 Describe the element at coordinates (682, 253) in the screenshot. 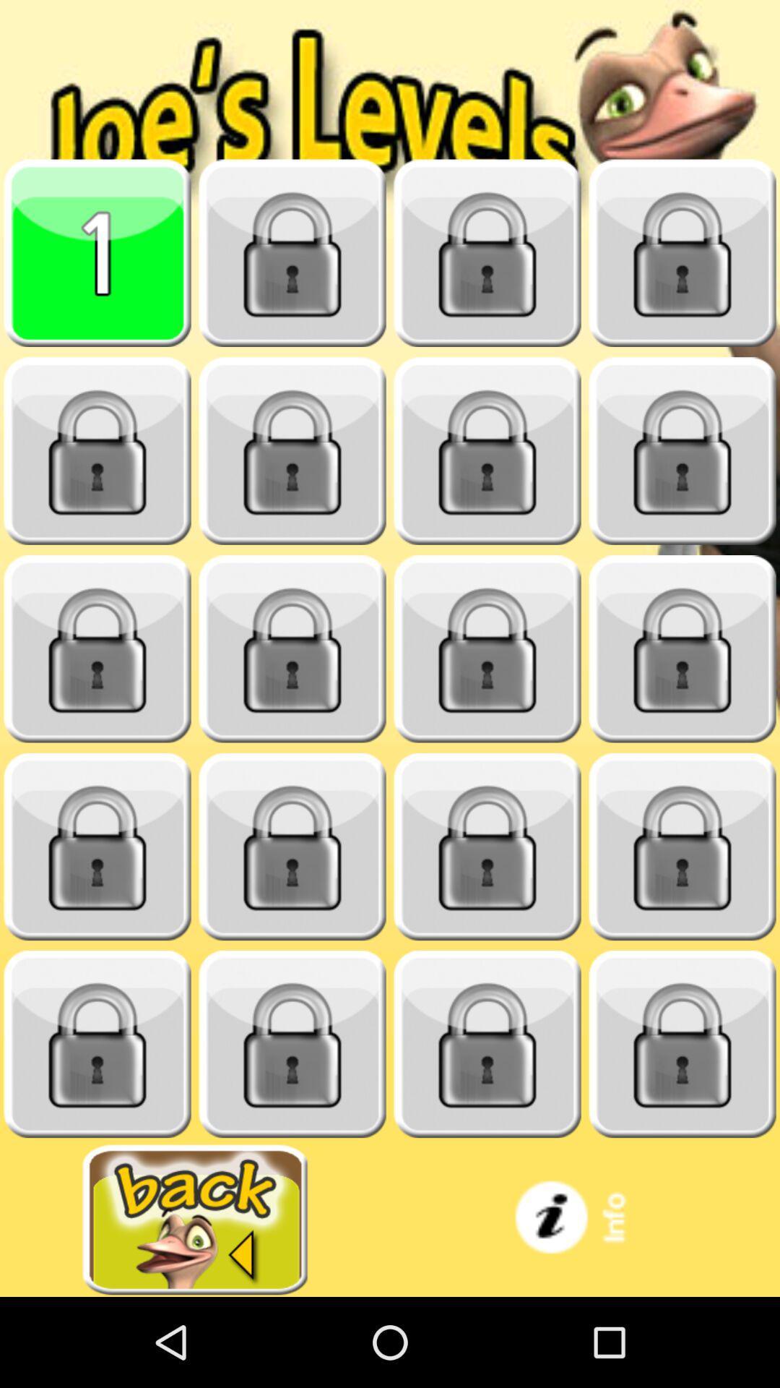

I see `level` at that location.